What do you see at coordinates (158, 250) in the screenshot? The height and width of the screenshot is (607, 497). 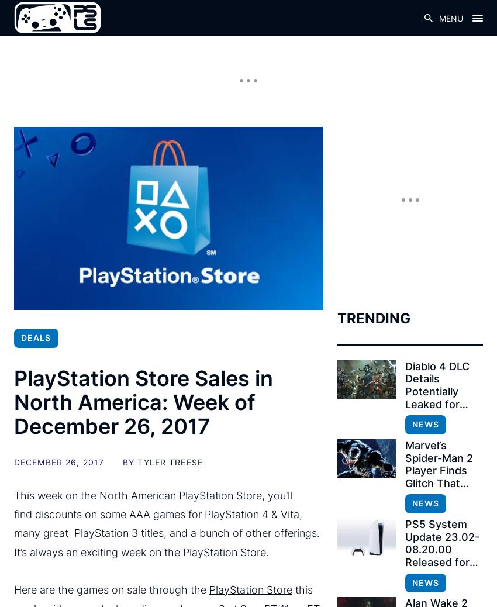 I see `'Day of the Tentacle: Remastered – $5.99'` at bounding box center [158, 250].